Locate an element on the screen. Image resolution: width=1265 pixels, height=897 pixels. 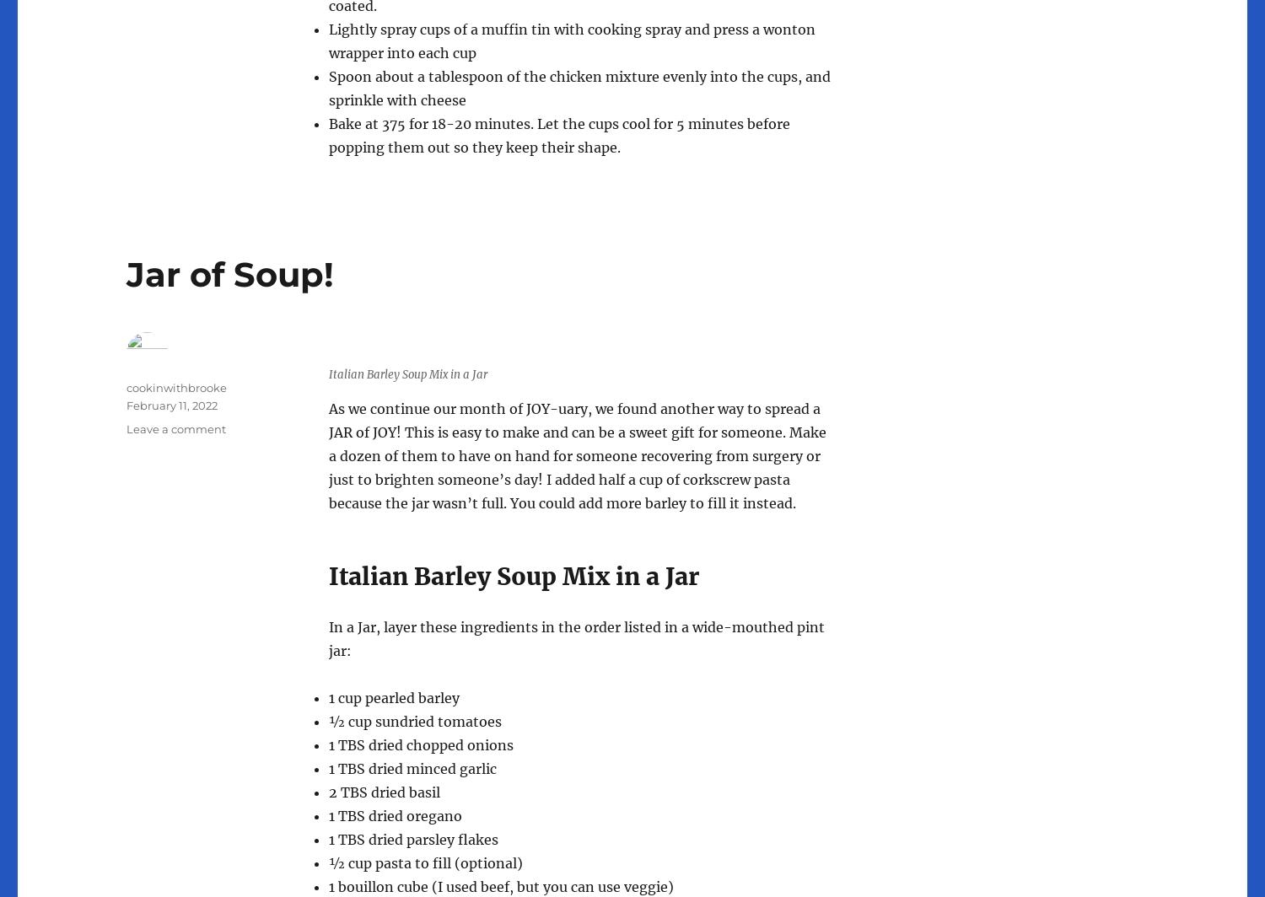
'2 TBS dried basil' is located at coordinates (384, 791).